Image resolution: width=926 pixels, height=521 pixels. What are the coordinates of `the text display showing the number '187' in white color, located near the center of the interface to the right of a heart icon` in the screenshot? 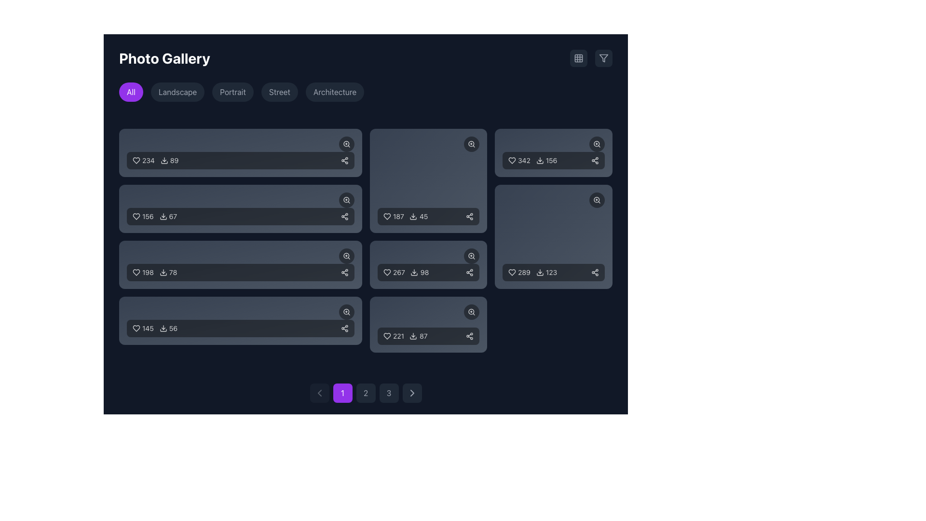 It's located at (398, 216).